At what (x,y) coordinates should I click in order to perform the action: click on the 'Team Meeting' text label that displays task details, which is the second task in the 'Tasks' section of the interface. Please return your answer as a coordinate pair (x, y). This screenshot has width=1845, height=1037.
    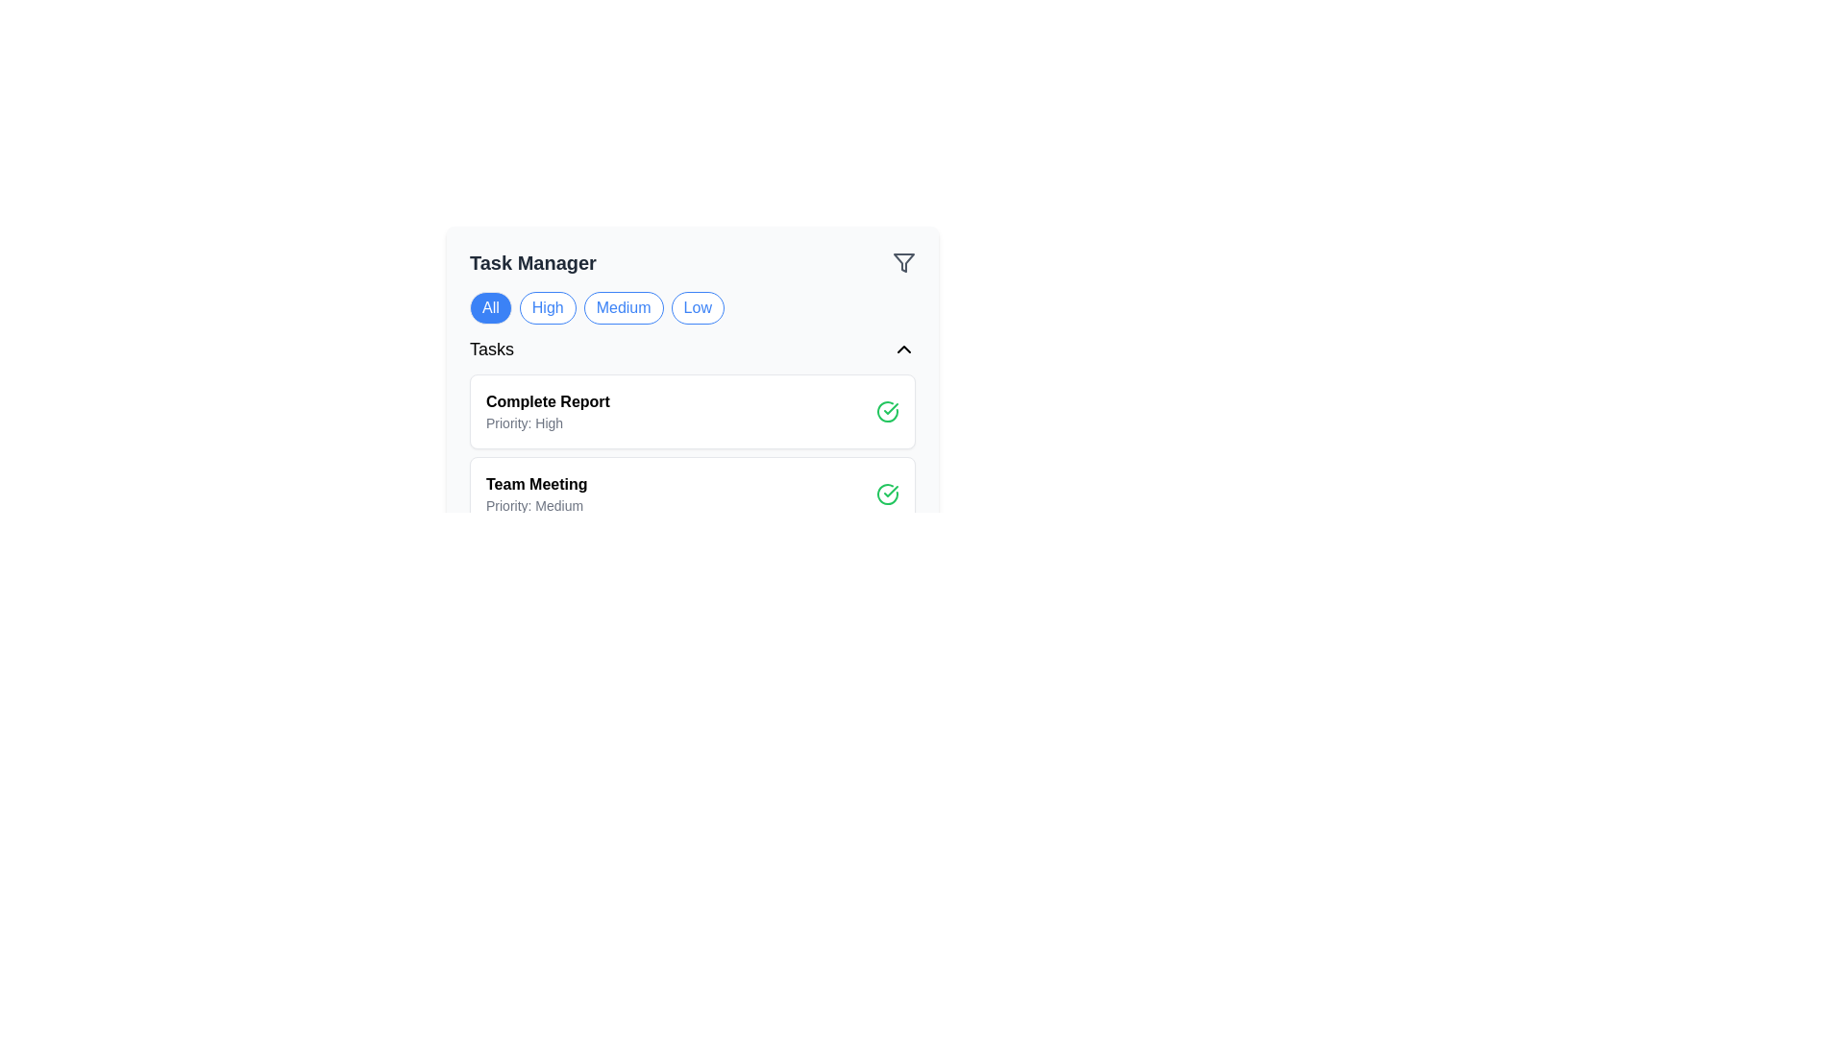
    Looking at the image, I should click on (536, 494).